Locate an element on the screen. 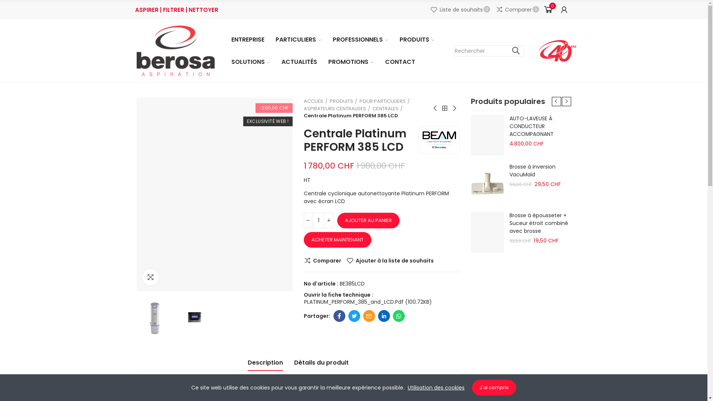  'PARTICULIERS' is located at coordinates (298, 40).